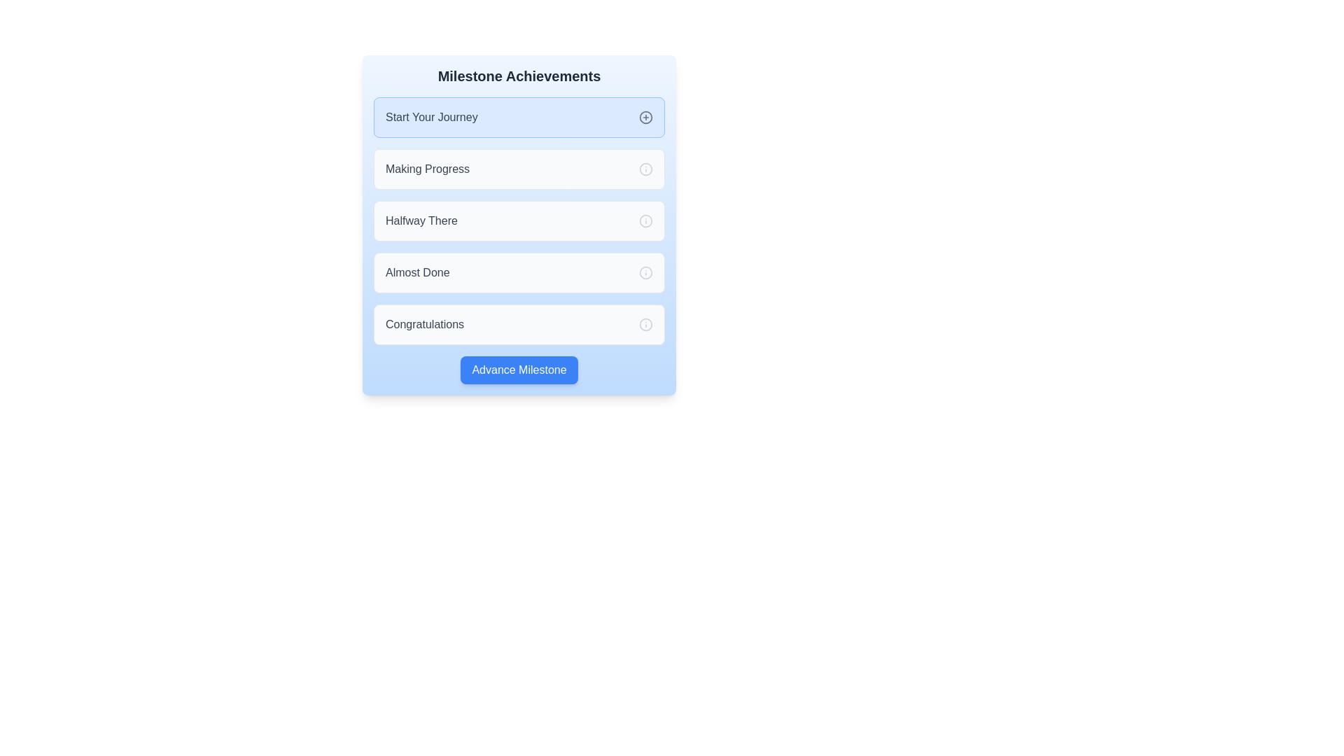 The image size is (1344, 756). What do you see at coordinates (519, 169) in the screenshot?
I see `the milestone item in the progress tracker that indicates the 'Making Progress' phase` at bounding box center [519, 169].